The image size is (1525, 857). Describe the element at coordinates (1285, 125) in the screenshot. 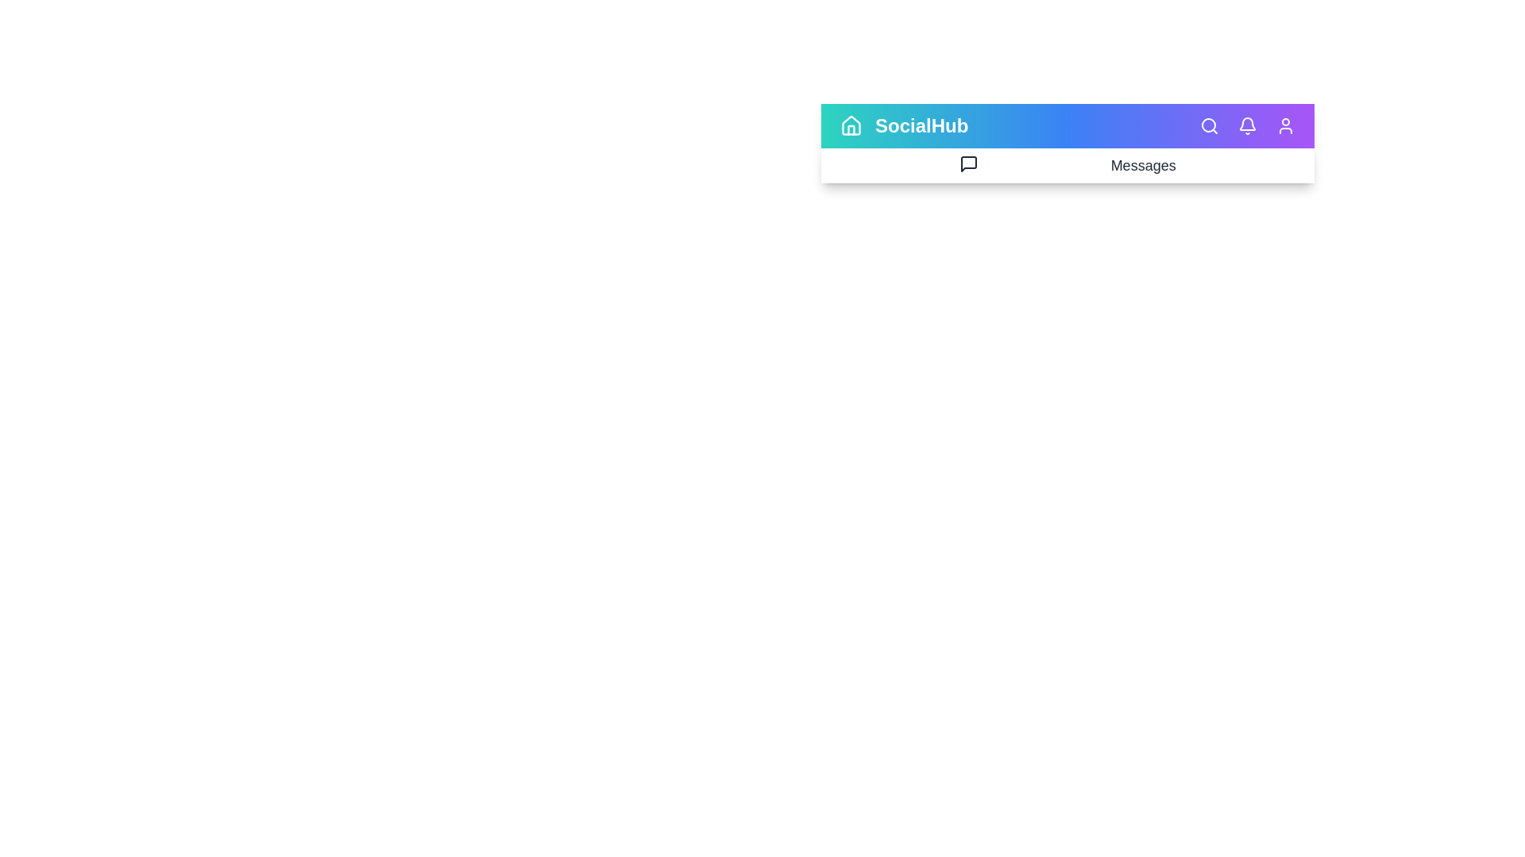

I see `the user icon to view or edit the user profile` at that location.